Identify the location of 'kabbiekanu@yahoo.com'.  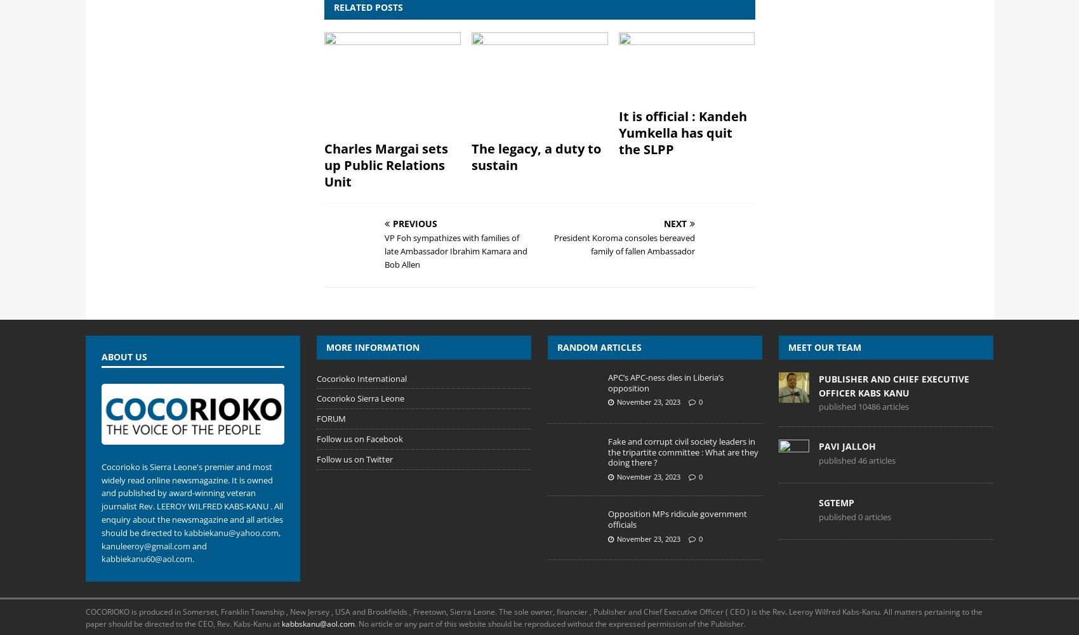
(230, 532).